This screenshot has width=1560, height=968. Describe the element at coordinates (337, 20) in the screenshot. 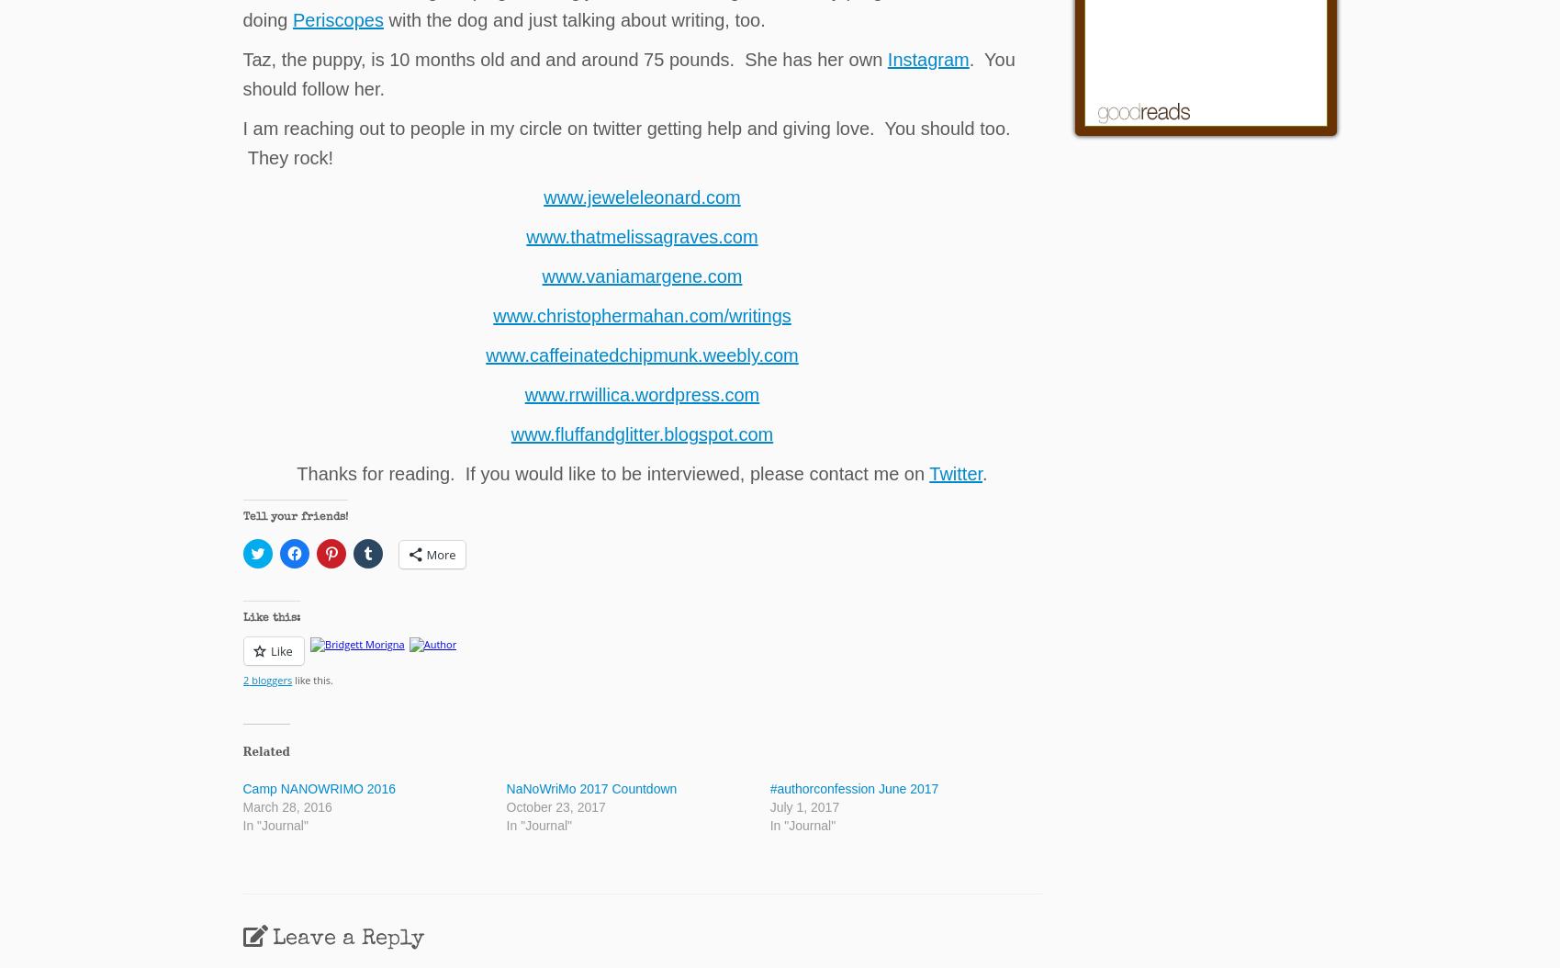

I see `'Periscopes'` at that location.